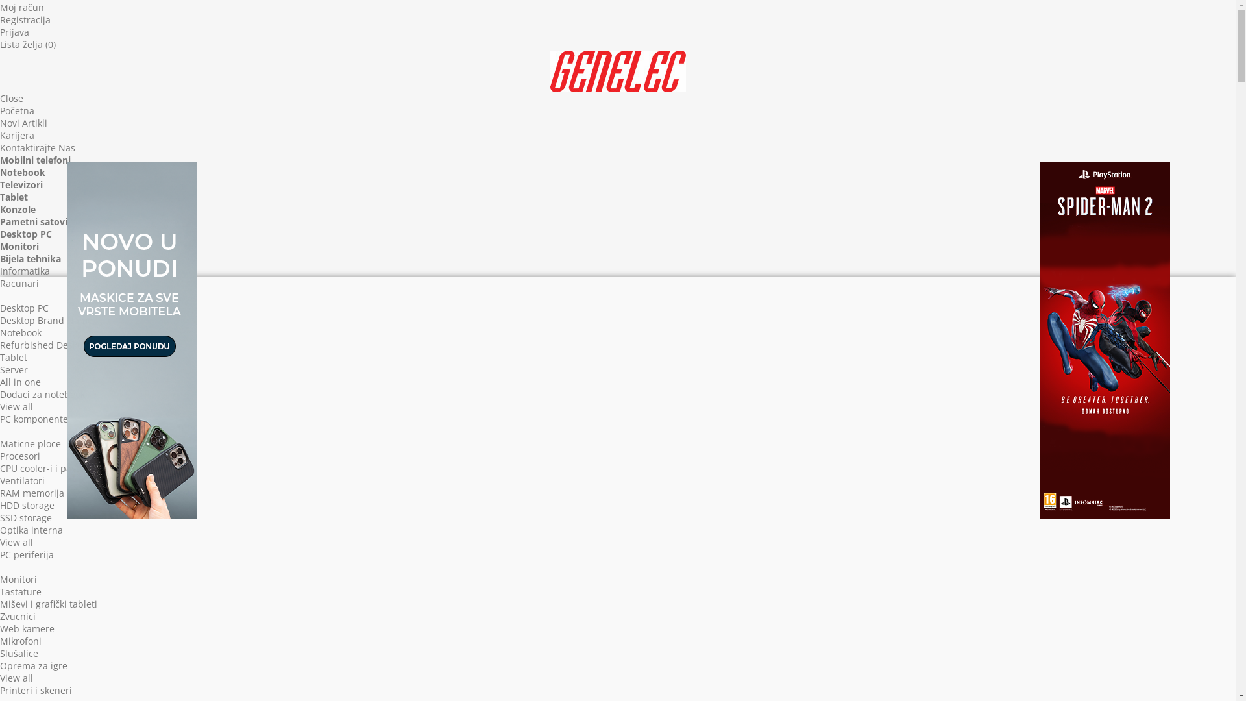 Image resolution: width=1246 pixels, height=701 pixels. Describe the element at coordinates (14, 369) in the screenshot. I see `'Server'` at that location.